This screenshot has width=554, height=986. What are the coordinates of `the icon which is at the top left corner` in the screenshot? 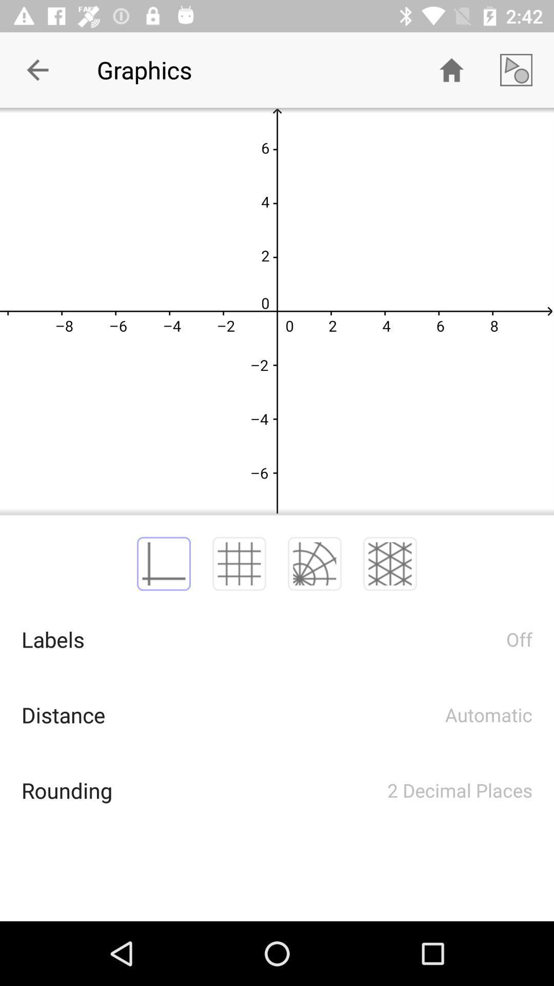 It's located at (37, 70).